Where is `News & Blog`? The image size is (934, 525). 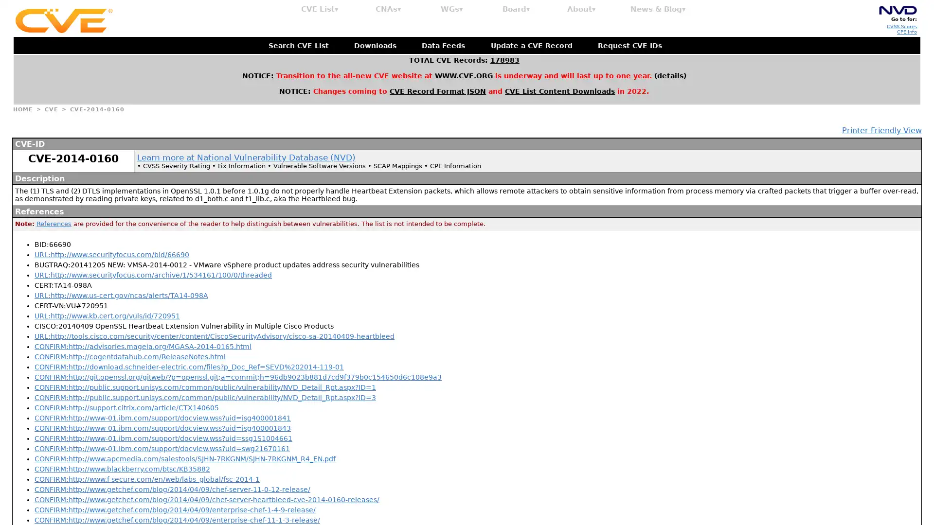
News & Blog is located at coordinates (658, 9).